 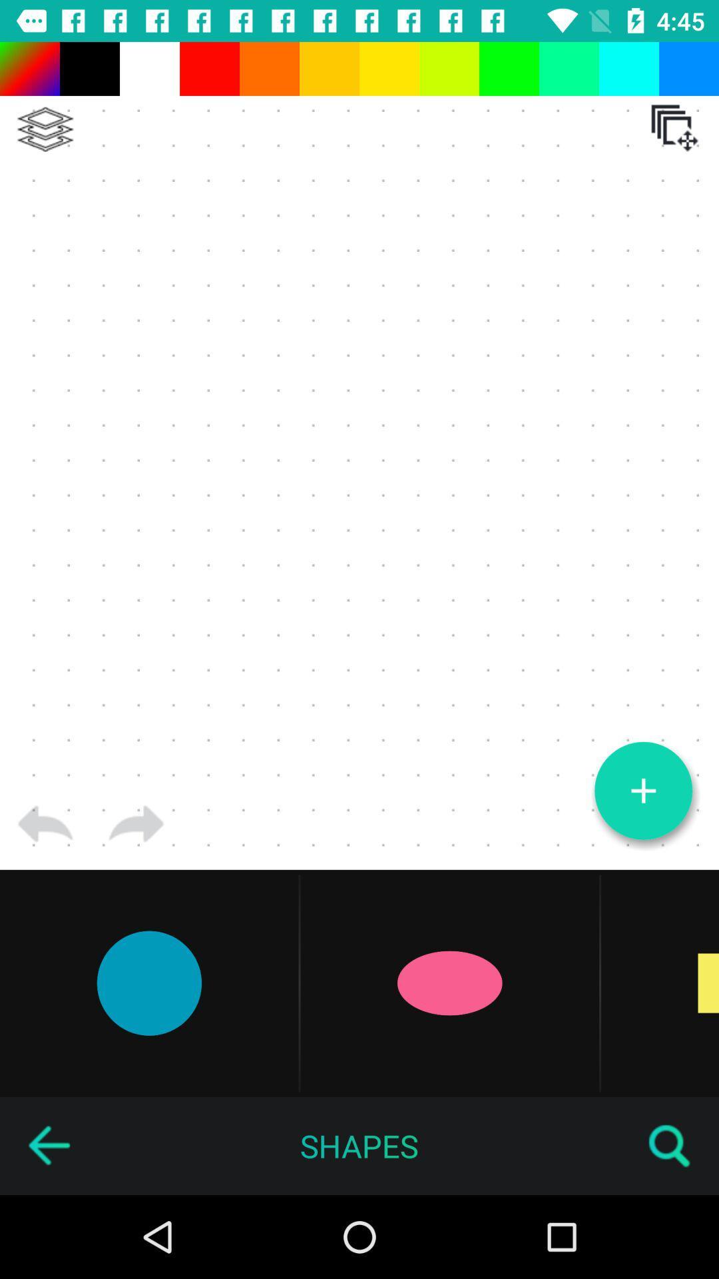 What do you see at coordinates (642, 791) in the screenshot?
I see `new logo` at bounding box center [642, 791].